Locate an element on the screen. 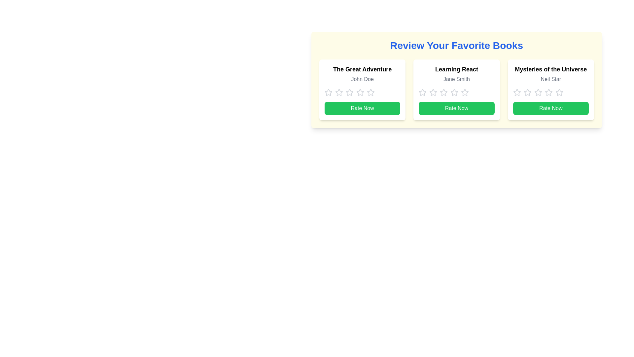 The width and height of the screenshot is (634, 357). the star rating in the interactive card for 'The Great Adventure' is located at coordinates (362, 90).